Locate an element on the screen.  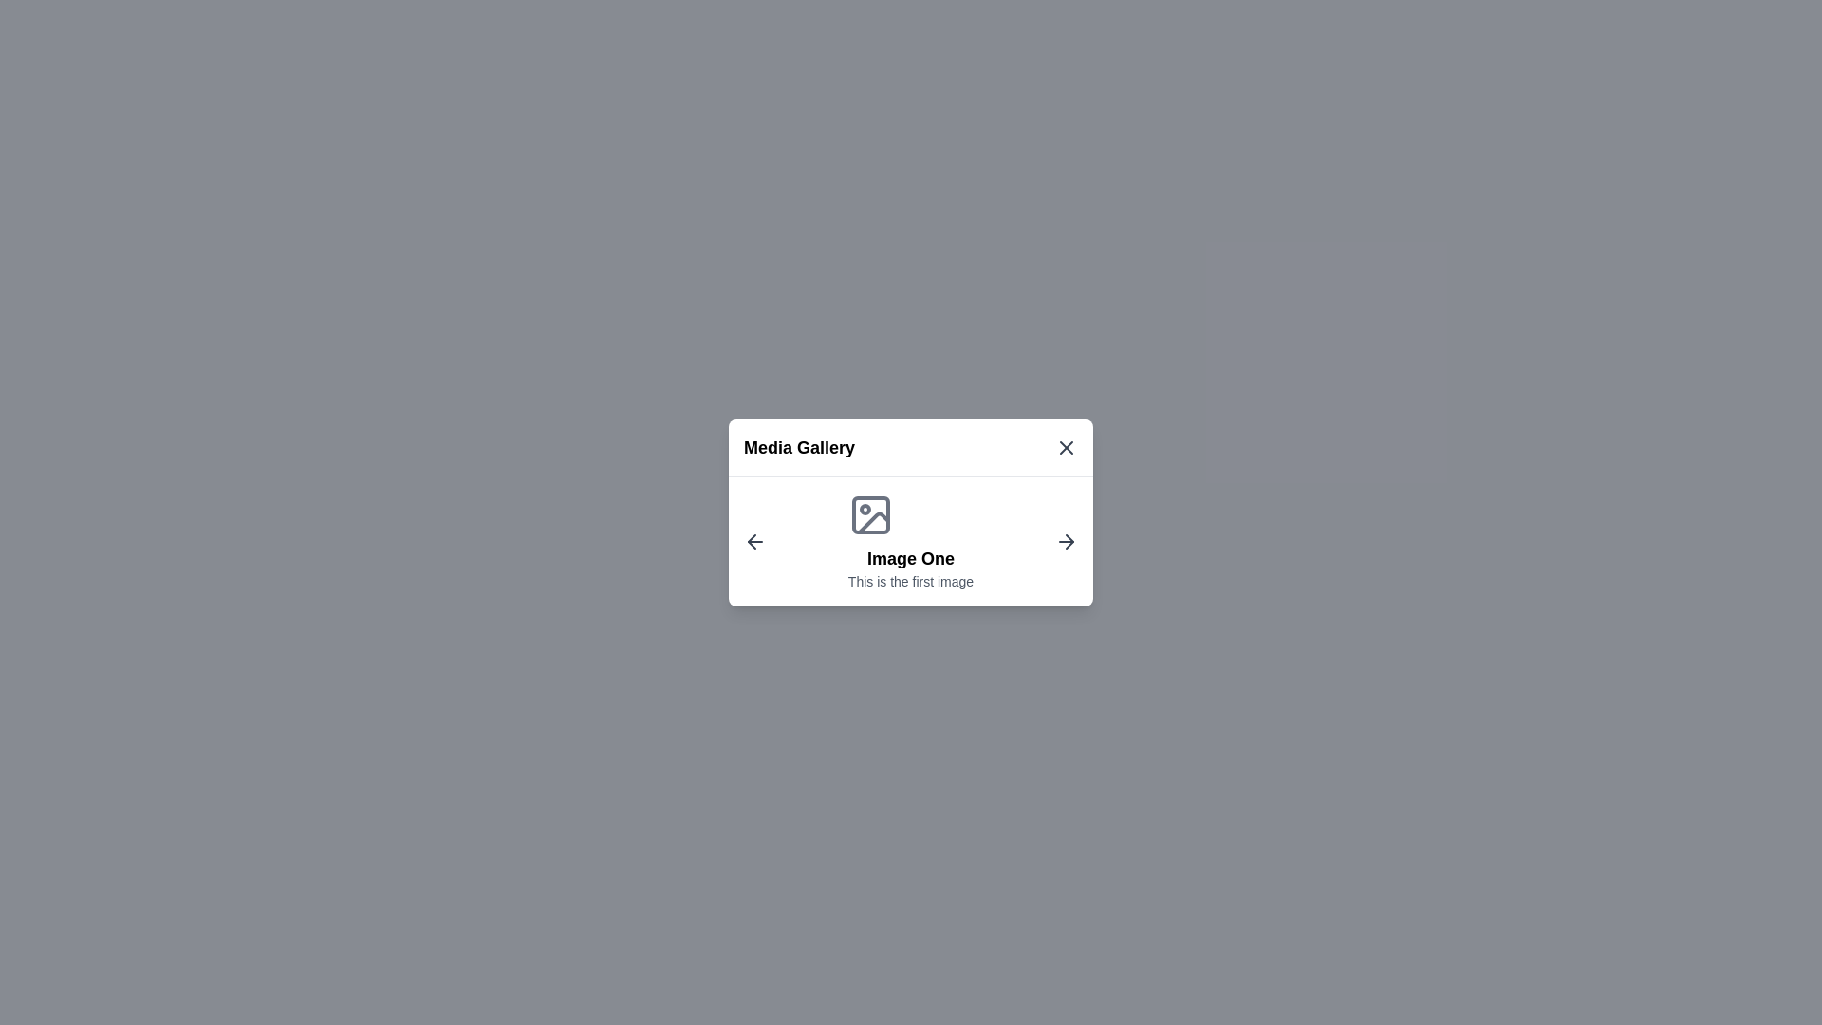
the leftward-pointing arrow icon located on the left side of the 'Media Gallery' modal is located at coordinates (754, 541).